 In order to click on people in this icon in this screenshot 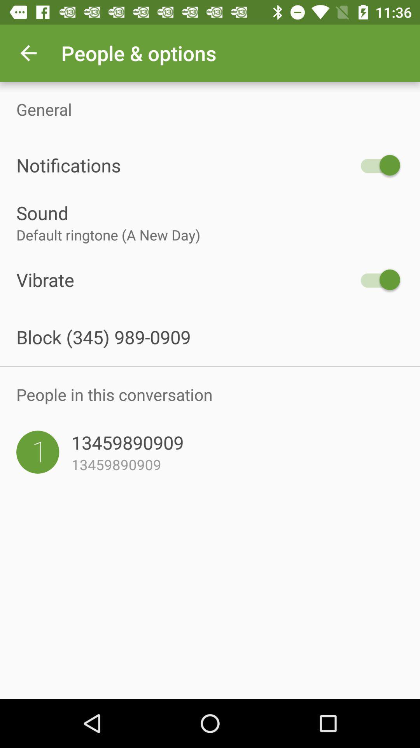, I will do `click(210, 394)`.